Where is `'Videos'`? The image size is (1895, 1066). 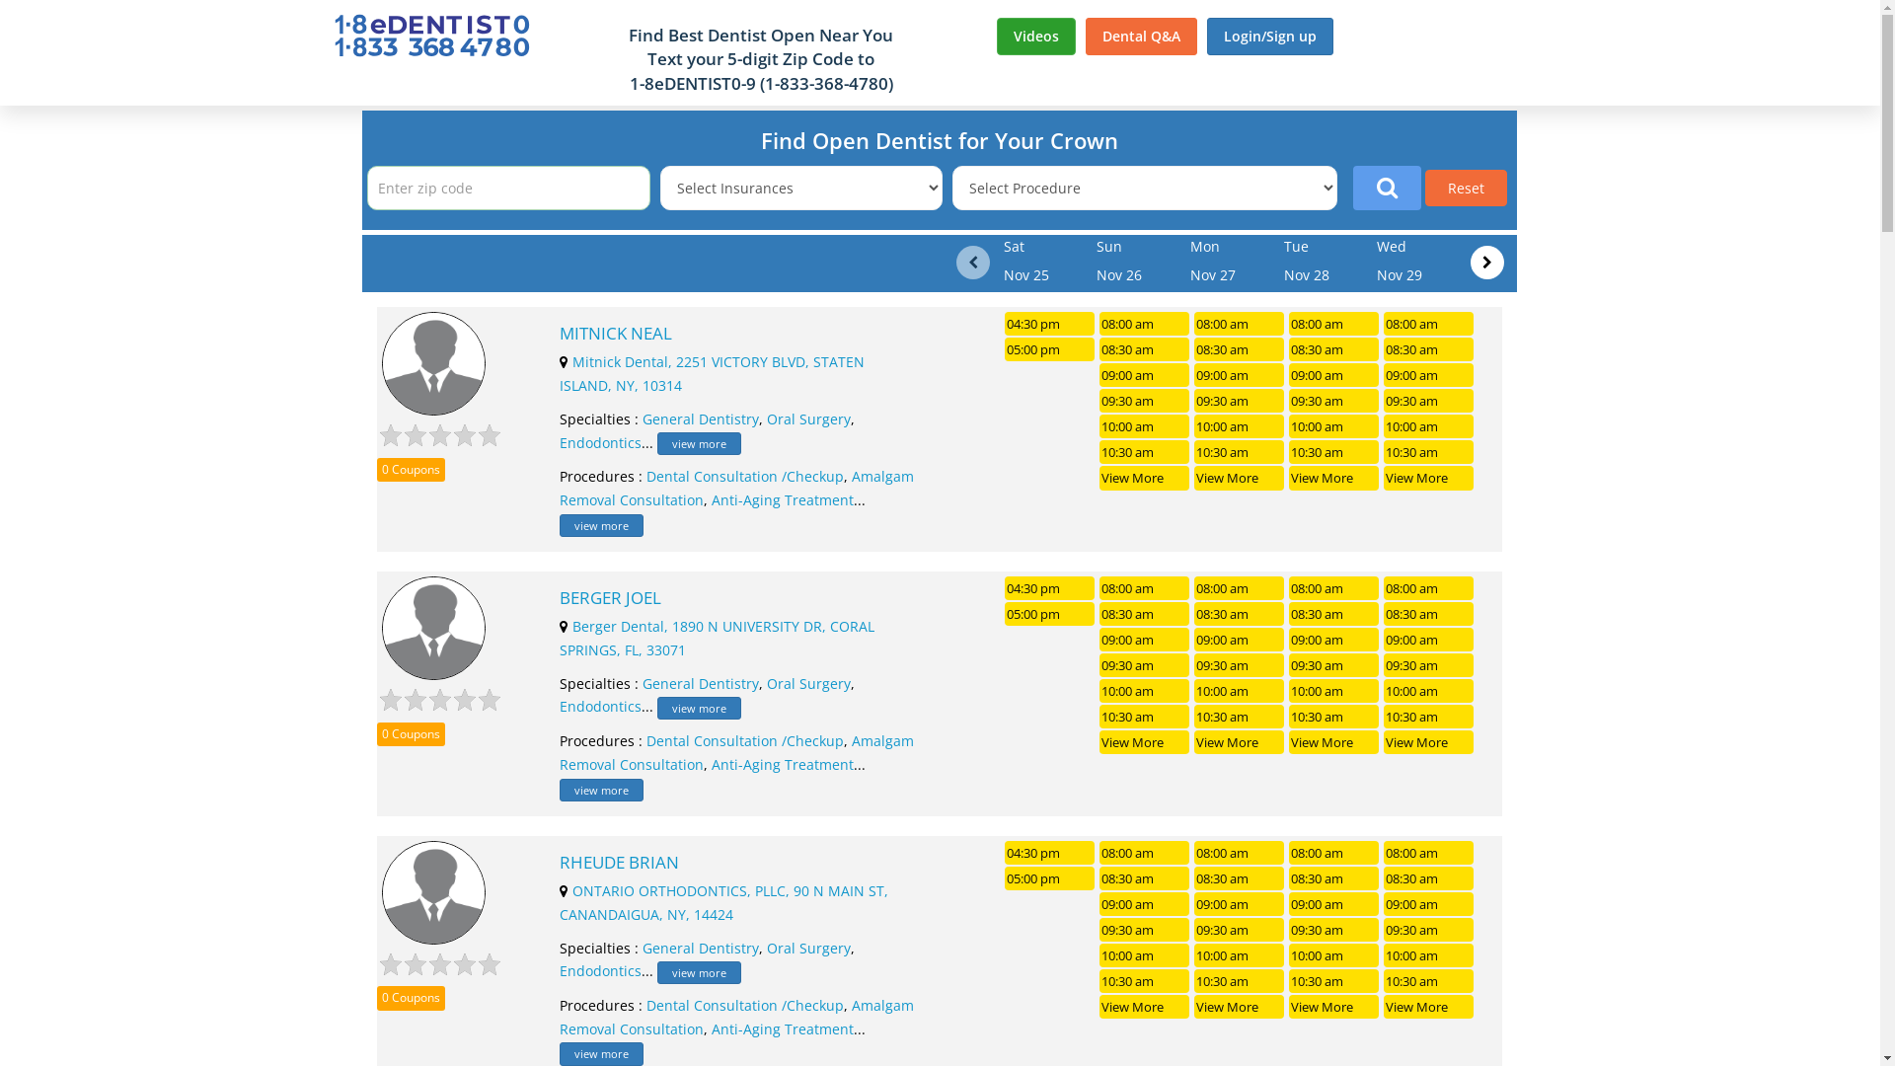 'Videos' is located at coordinates (1035, 37).